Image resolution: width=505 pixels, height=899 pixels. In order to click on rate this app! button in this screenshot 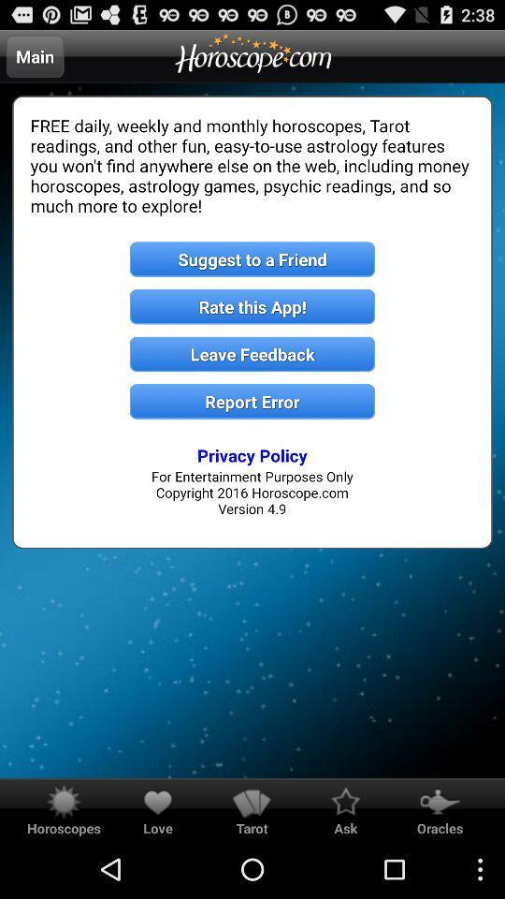, I will do `click(252, 306)`.